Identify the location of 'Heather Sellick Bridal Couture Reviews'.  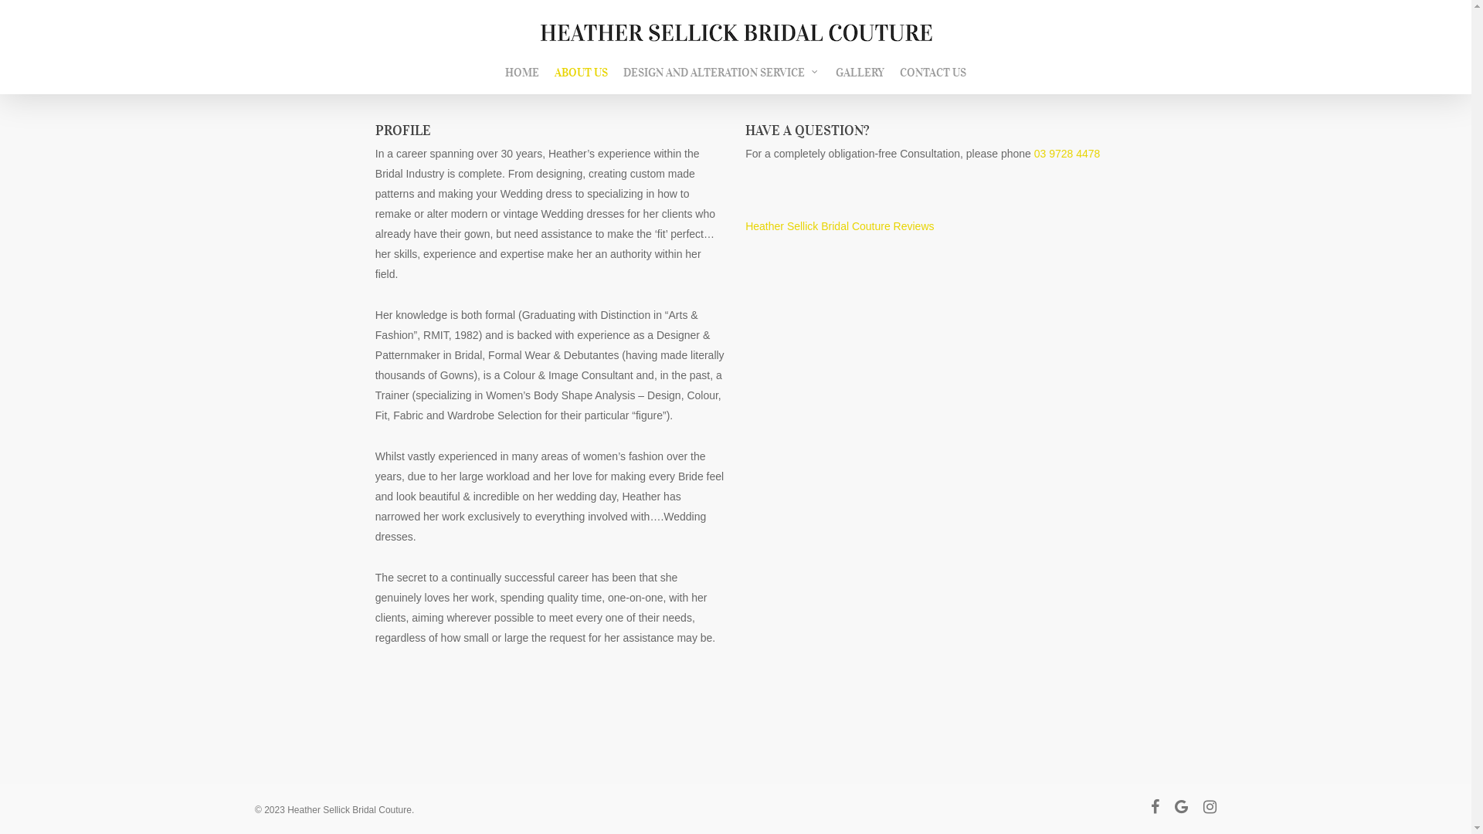
(745, 226).